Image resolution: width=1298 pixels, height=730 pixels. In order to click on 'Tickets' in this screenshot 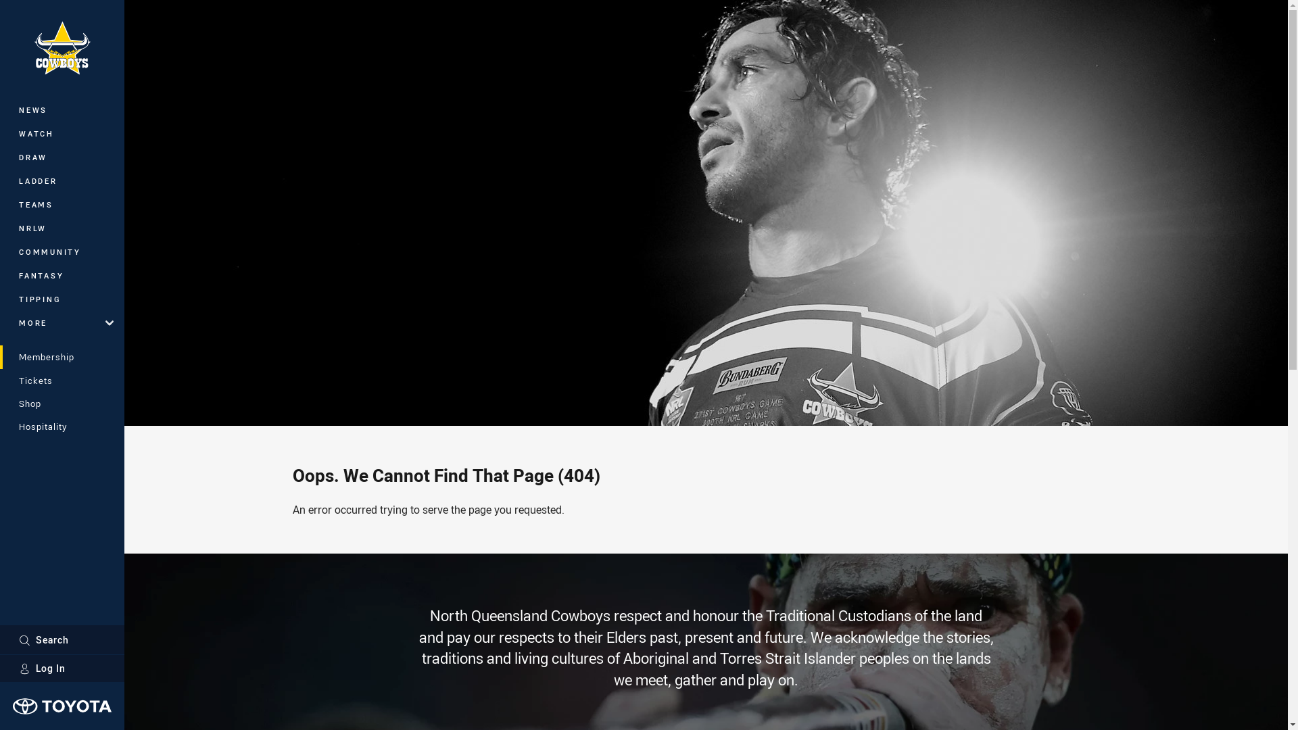, I will do `click(61, 381)`.